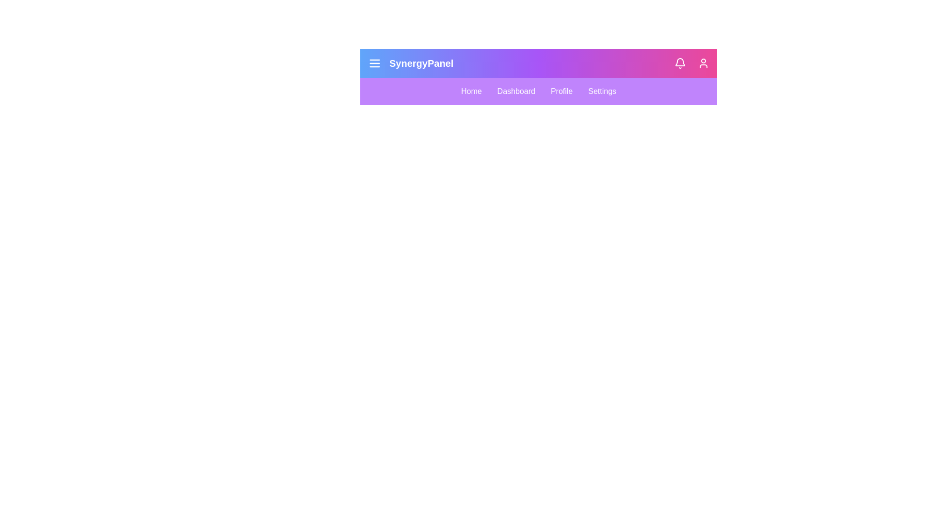  Describe the element at coordinates (515, 92) in the screenshot. I see `the 'Dashboard' navigation link` at that location.